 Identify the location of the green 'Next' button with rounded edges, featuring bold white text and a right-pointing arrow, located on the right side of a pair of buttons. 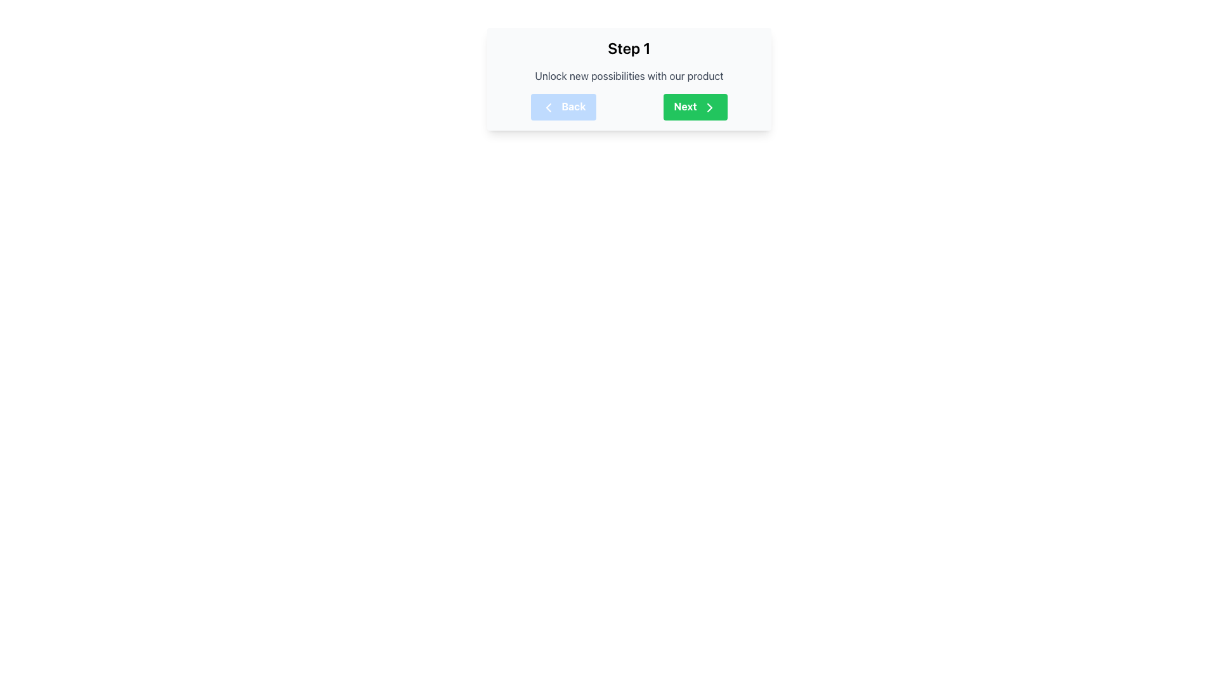
(694, 106).